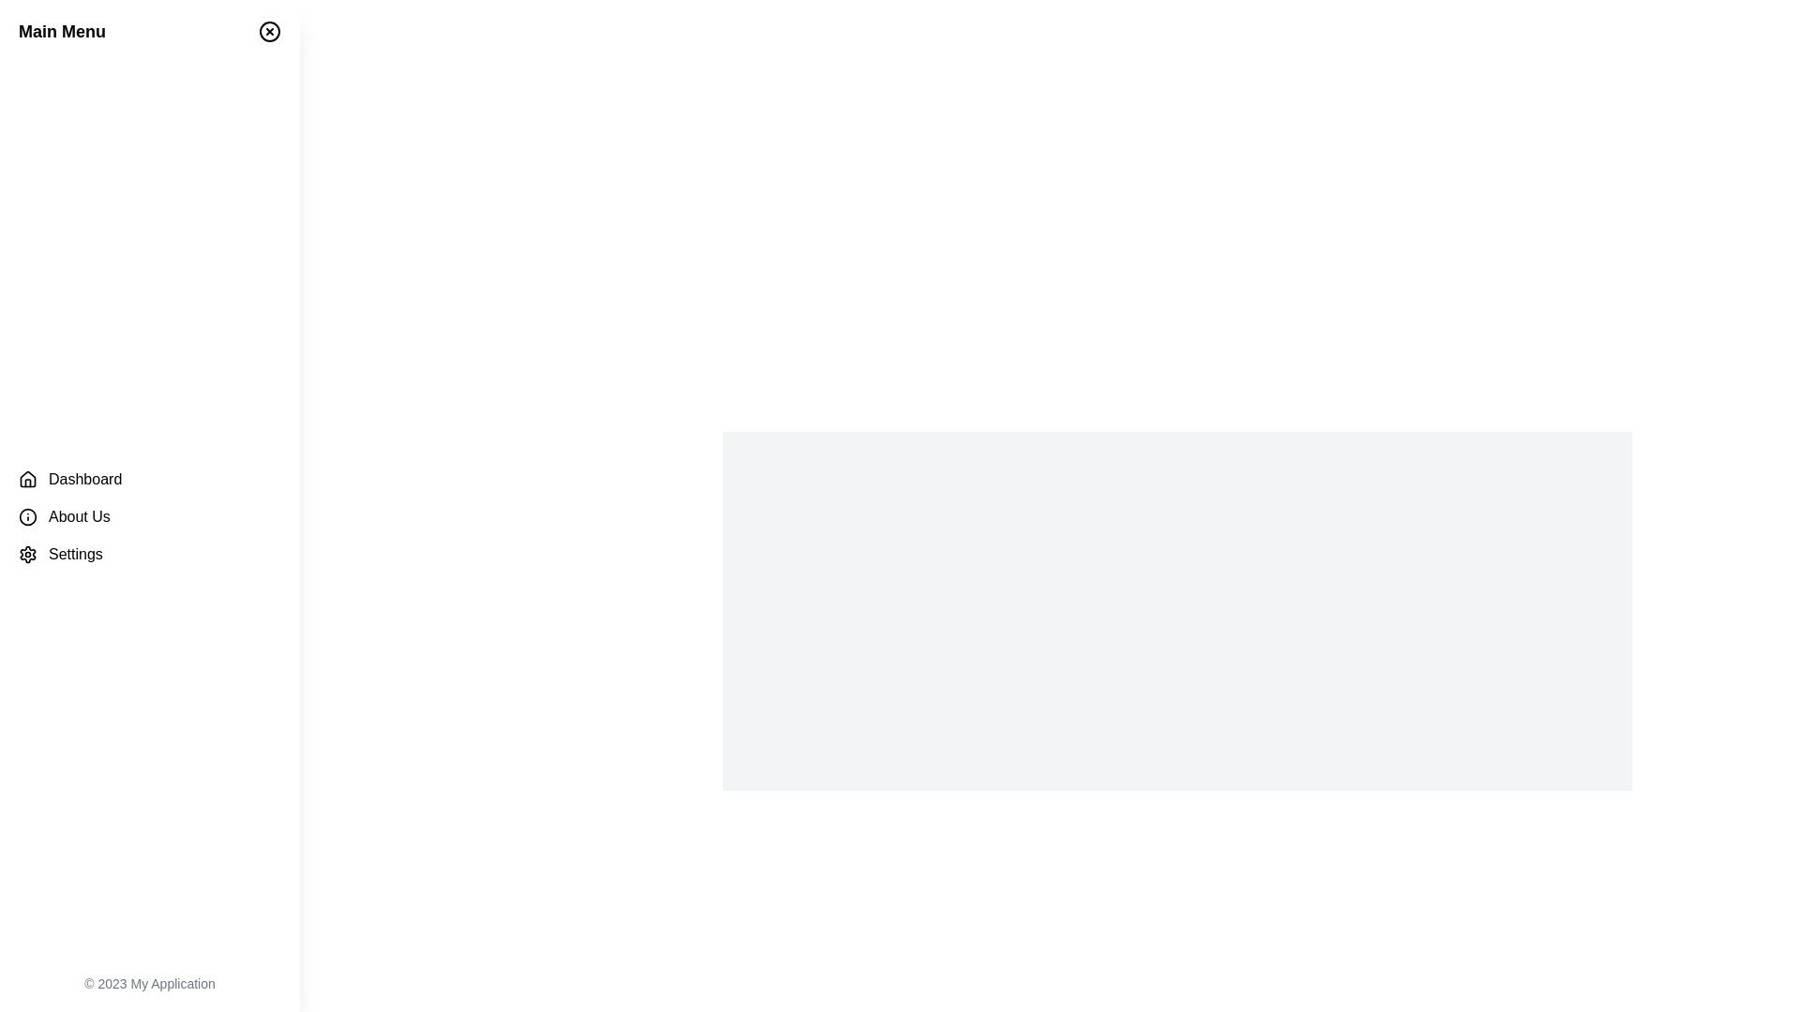  What do you see at coordinates (148, 553) in the screenshot?
I see `the 'Settings' menu item` at bounding box center [148, 553].